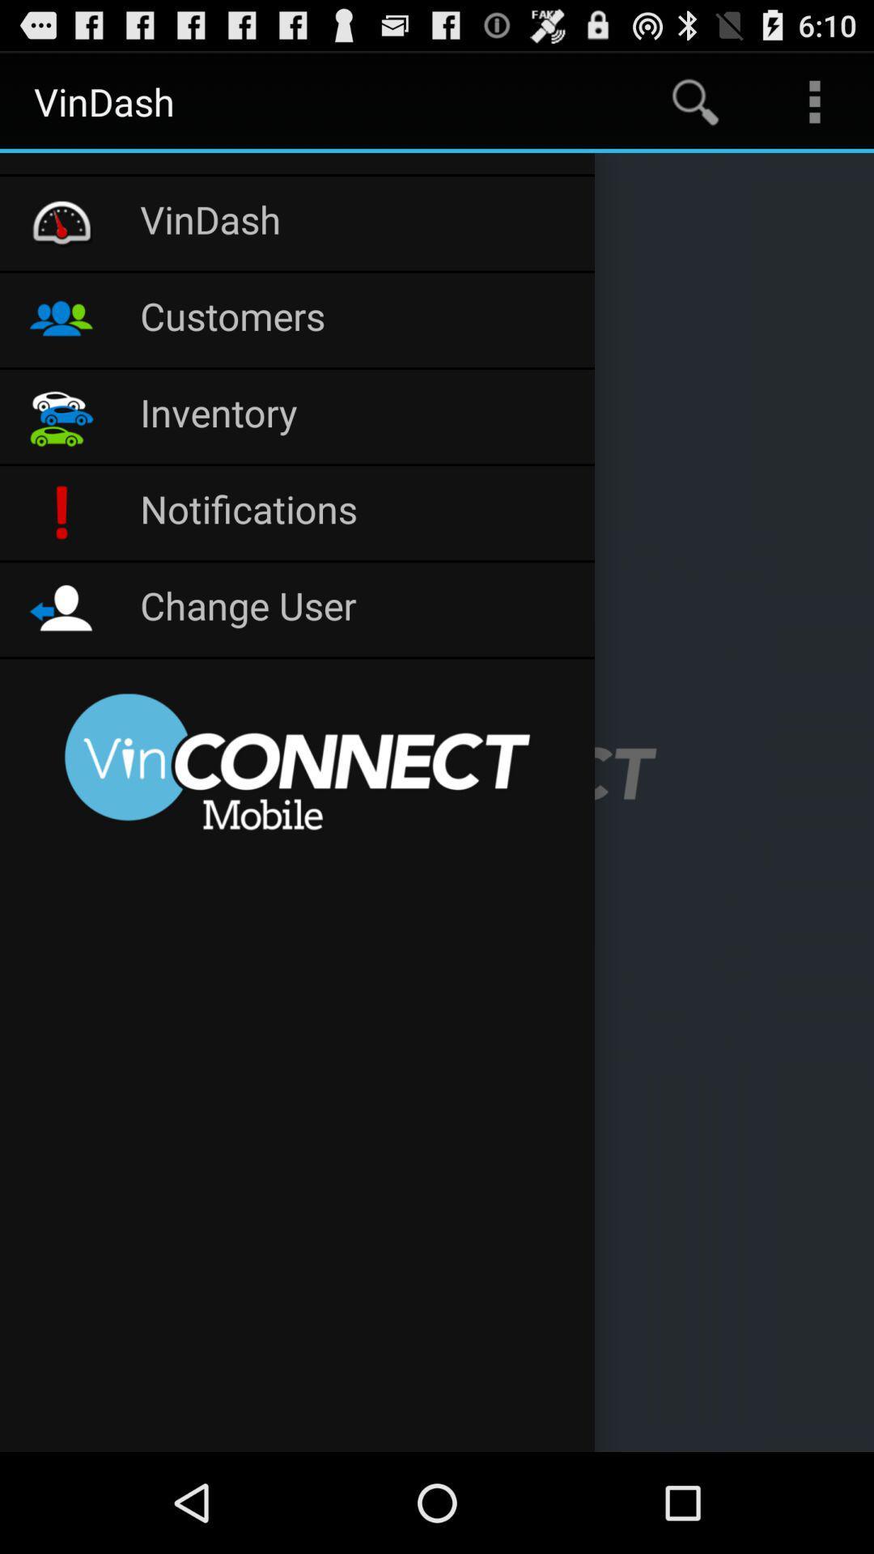  I want to click on customers item, so click(358, 320).